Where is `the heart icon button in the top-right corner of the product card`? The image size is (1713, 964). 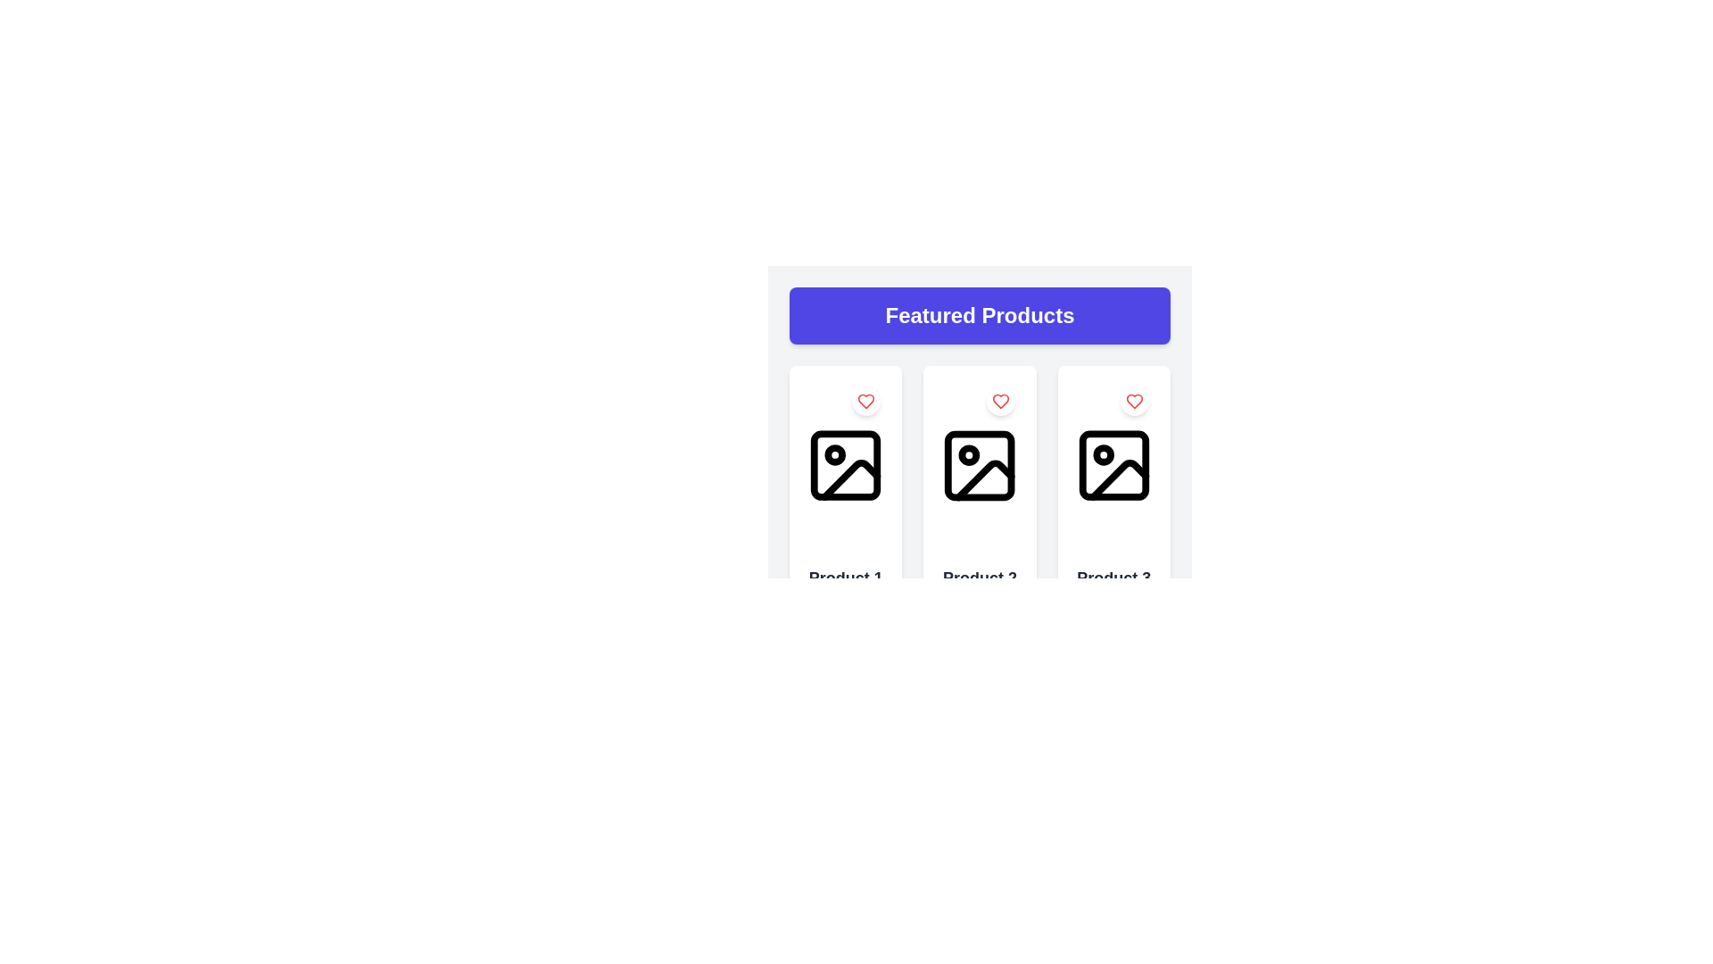
the heart icon button in the top-right corner of the product card is located at coordinates (1000, 402).